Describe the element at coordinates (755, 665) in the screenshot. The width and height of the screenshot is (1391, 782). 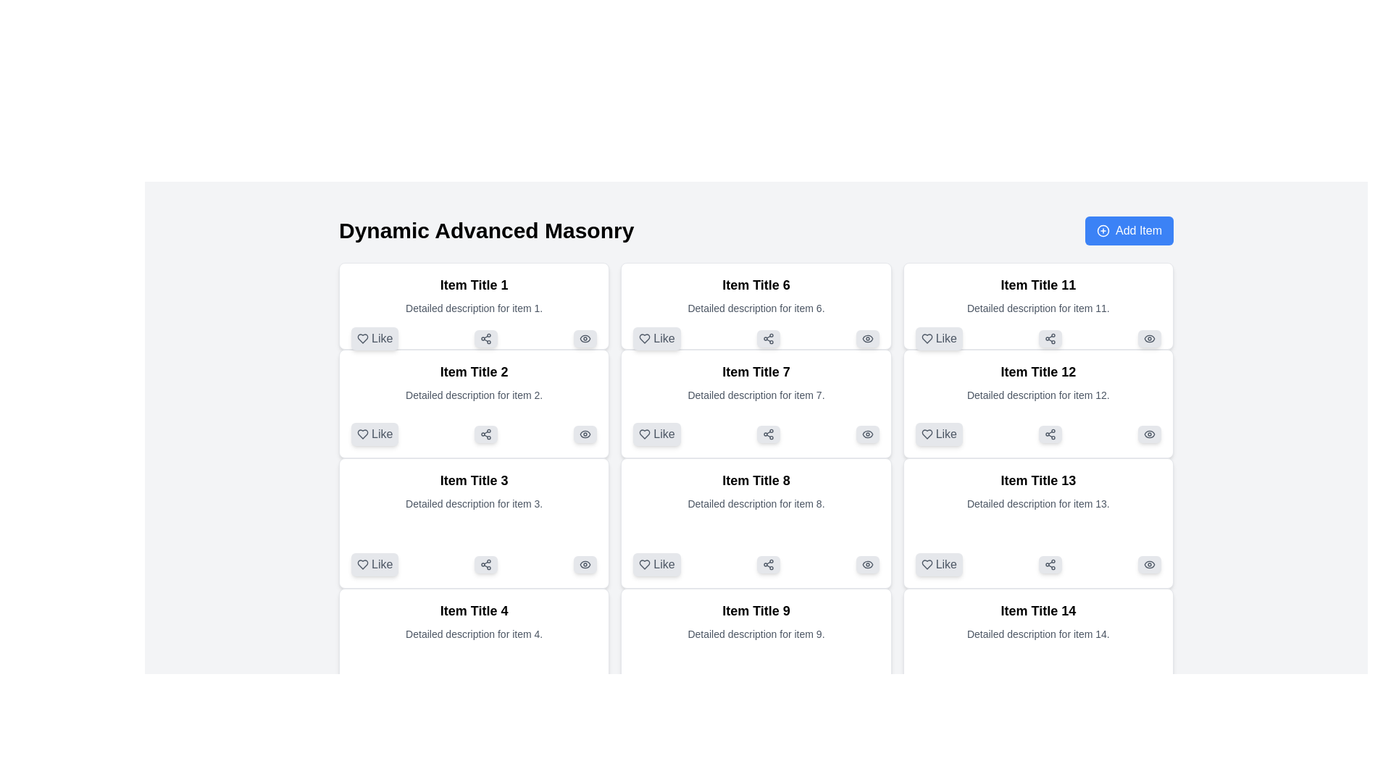
I see `the card component with the title 'Item Title 9'` at that location.